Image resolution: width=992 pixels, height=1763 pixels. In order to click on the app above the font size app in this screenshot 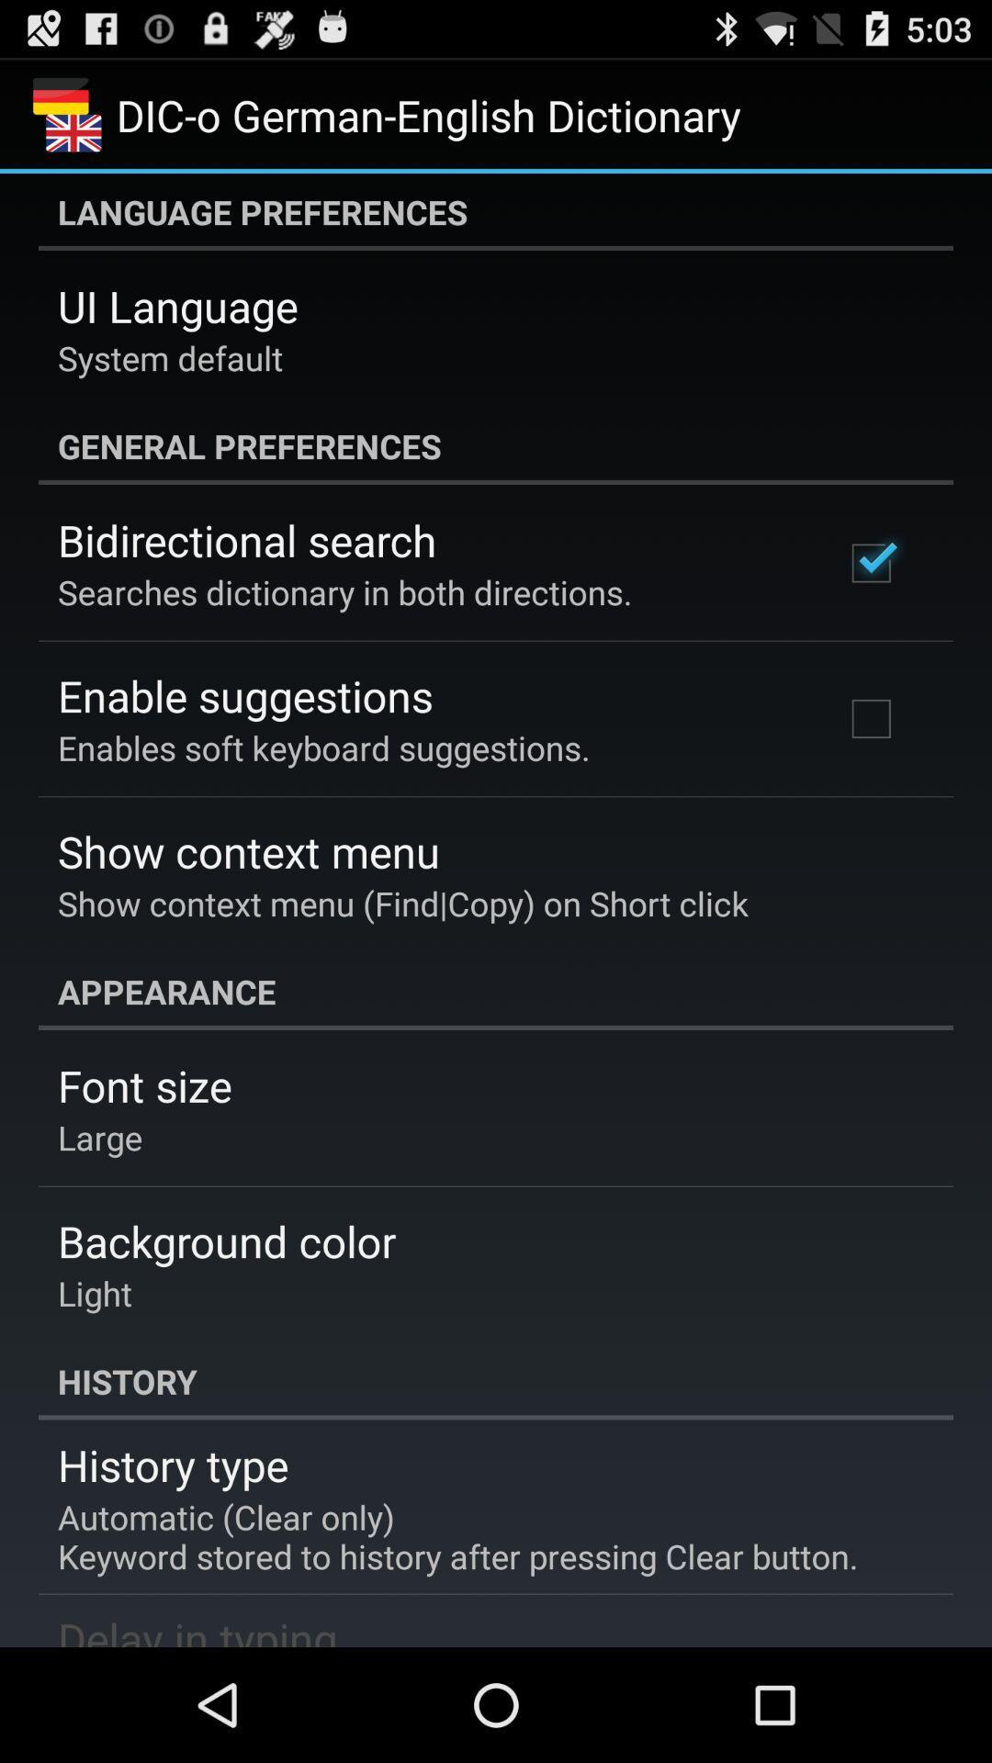, I will do `click(496, 991)`.